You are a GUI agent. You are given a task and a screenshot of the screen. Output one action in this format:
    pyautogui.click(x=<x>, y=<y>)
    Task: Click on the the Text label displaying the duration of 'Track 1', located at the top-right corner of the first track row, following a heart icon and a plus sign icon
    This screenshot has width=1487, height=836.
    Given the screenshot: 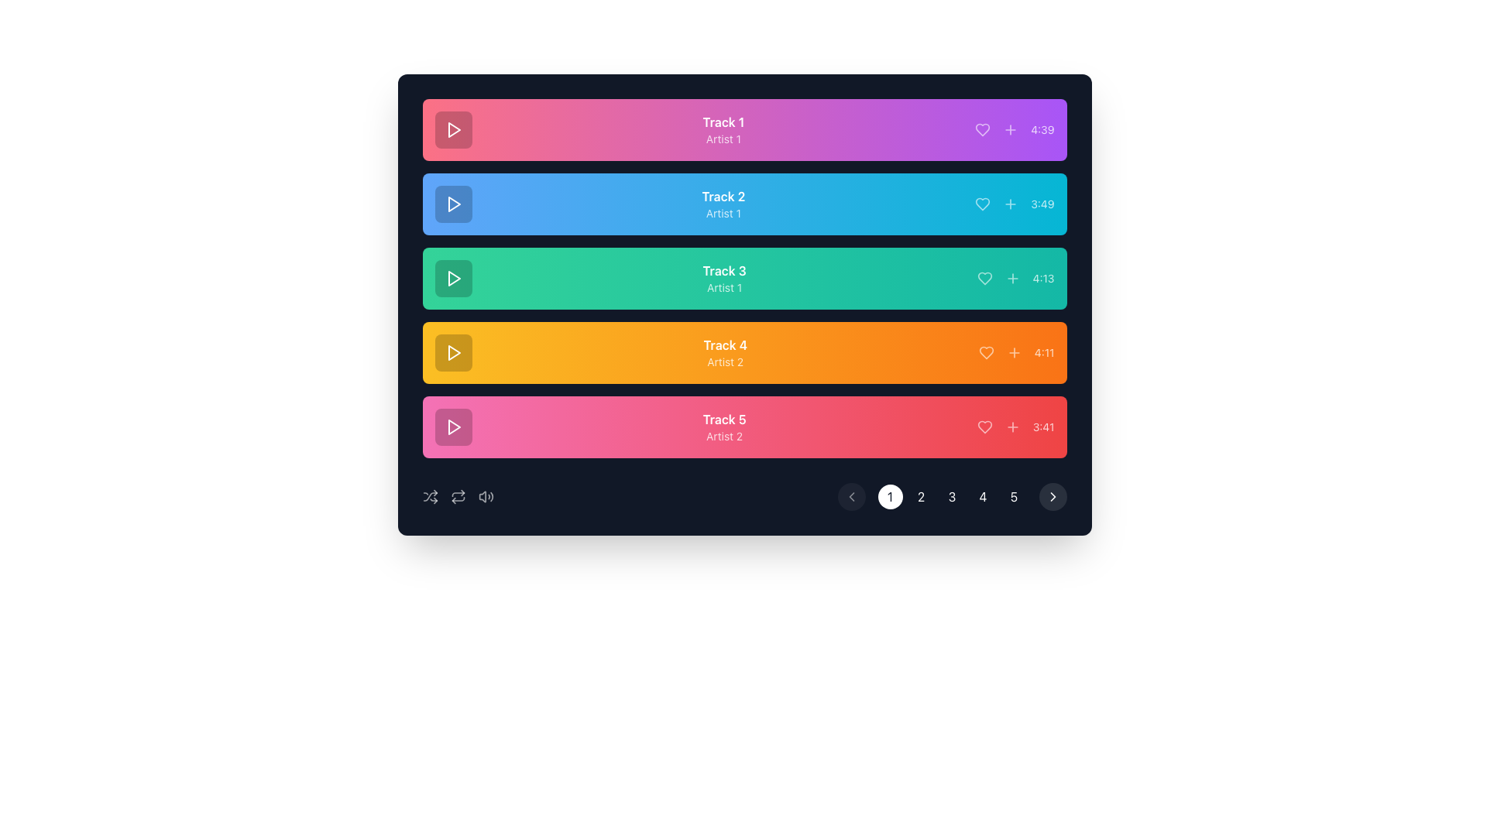 What is the action you would take?
    pyautogui.click(x=1042, y=129)
    